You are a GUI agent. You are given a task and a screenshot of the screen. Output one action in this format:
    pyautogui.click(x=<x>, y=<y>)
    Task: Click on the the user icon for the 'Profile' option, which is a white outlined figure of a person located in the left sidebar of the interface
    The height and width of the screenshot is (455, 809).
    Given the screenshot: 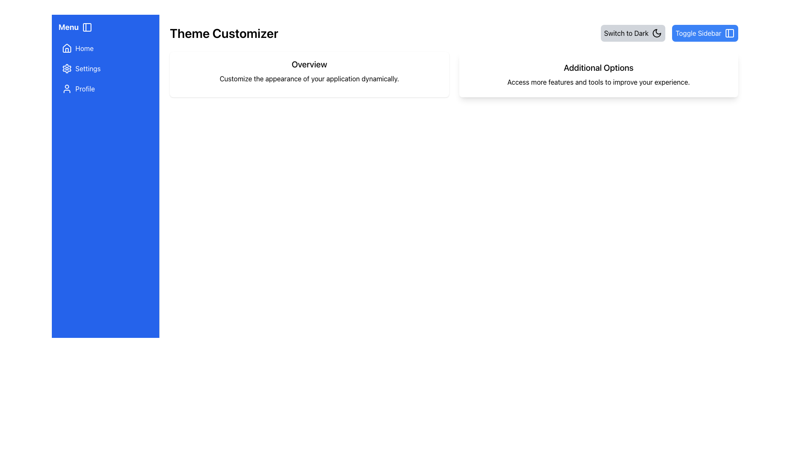 What is the action you would take?
    pyautogui.click(x=66, y=89)
    